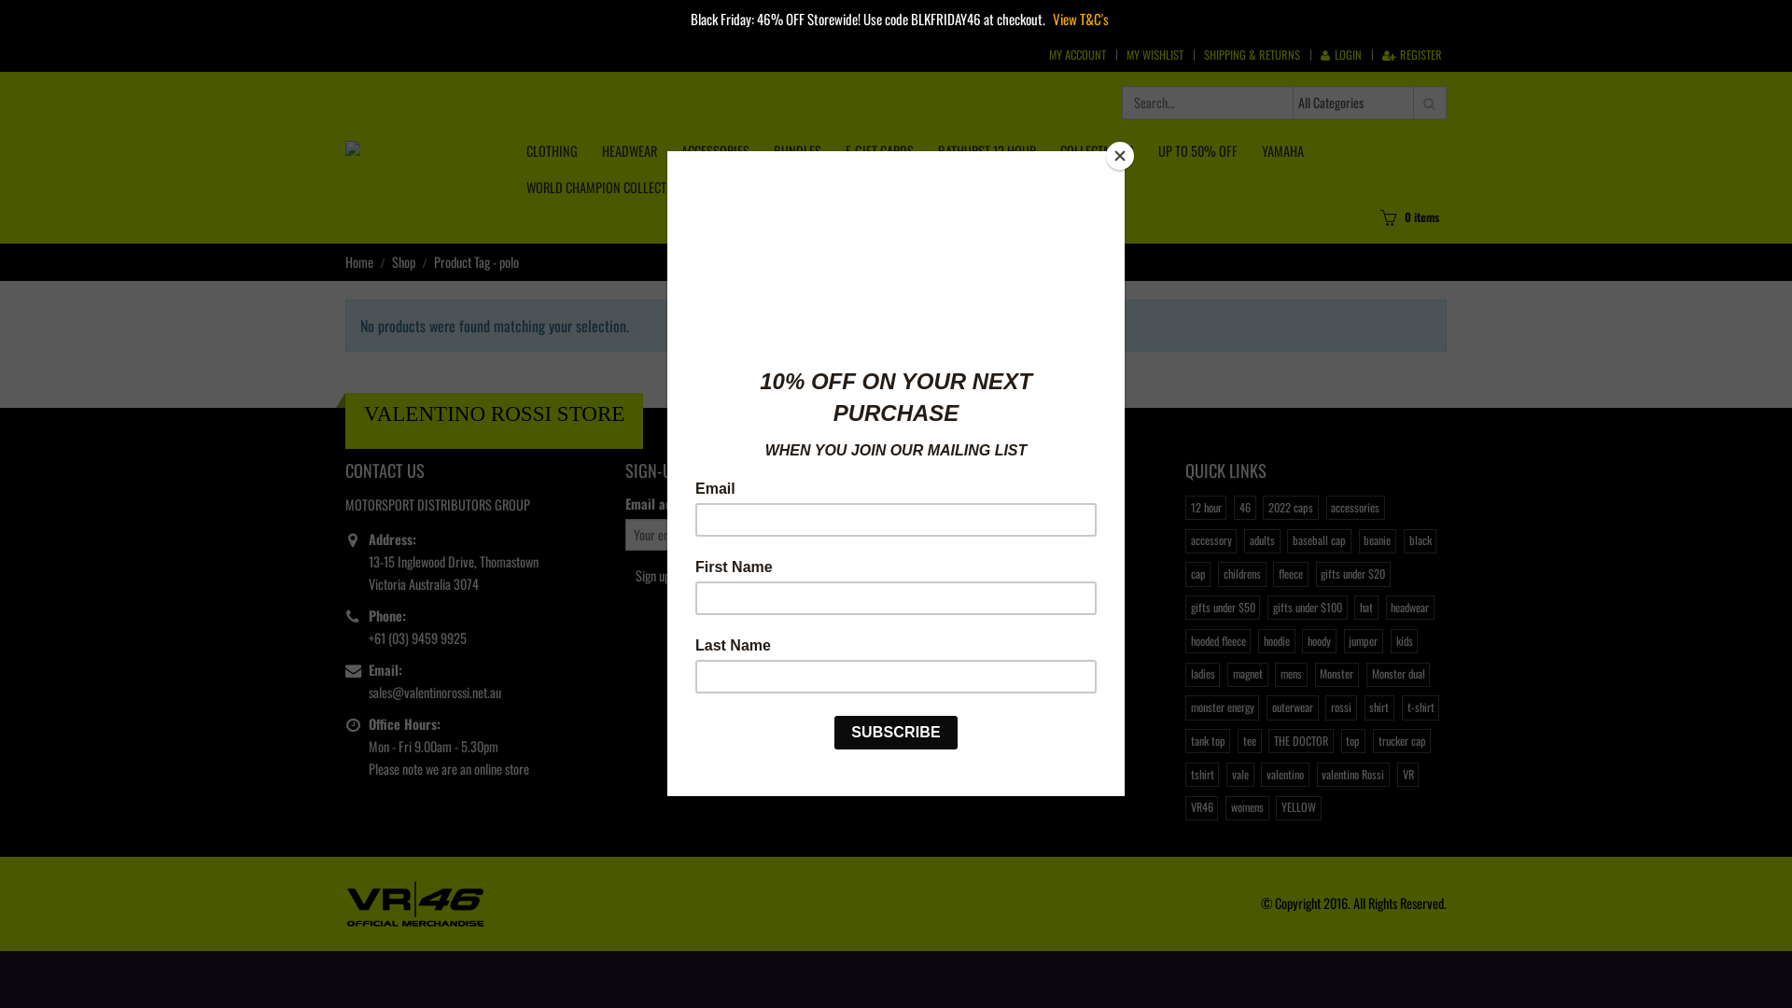  What do you see at coordinates (1289, 507) in the screenshot?
I see `'2022 caps'` at bounding box center [1289, 507].